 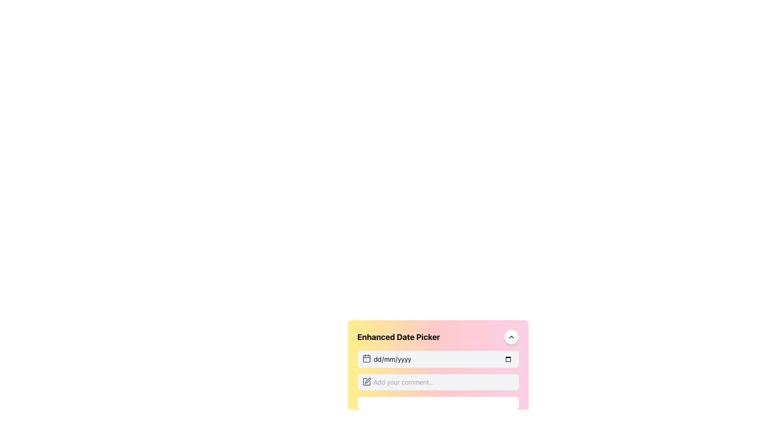 What do you see at coordinates (366, 358) in the screenshot?
I see `the first calendar icon on the left side of the input box` at bounding box center [366, 358].